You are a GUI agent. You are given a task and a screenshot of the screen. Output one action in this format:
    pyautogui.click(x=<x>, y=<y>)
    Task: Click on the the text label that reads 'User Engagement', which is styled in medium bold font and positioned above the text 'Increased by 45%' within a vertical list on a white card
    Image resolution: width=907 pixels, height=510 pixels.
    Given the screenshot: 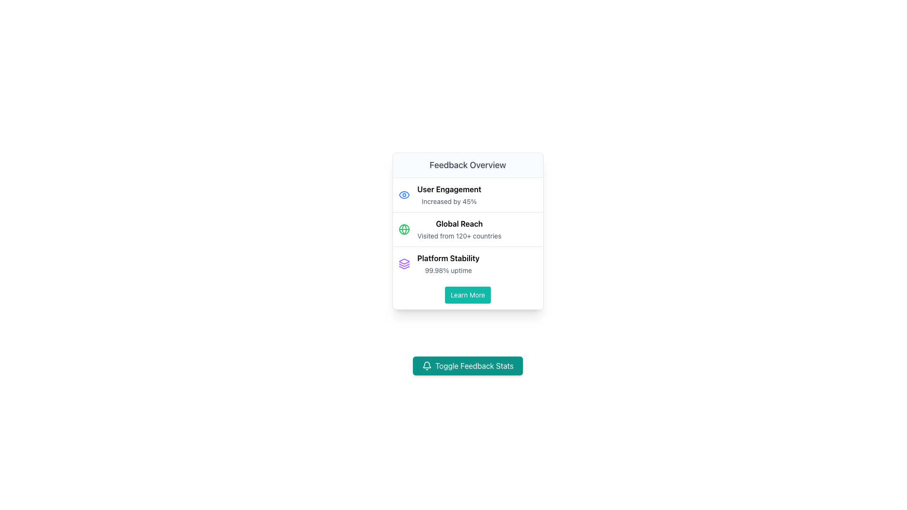 What is the action you would take?
    pyautogui.click(x=449, y=189)
    